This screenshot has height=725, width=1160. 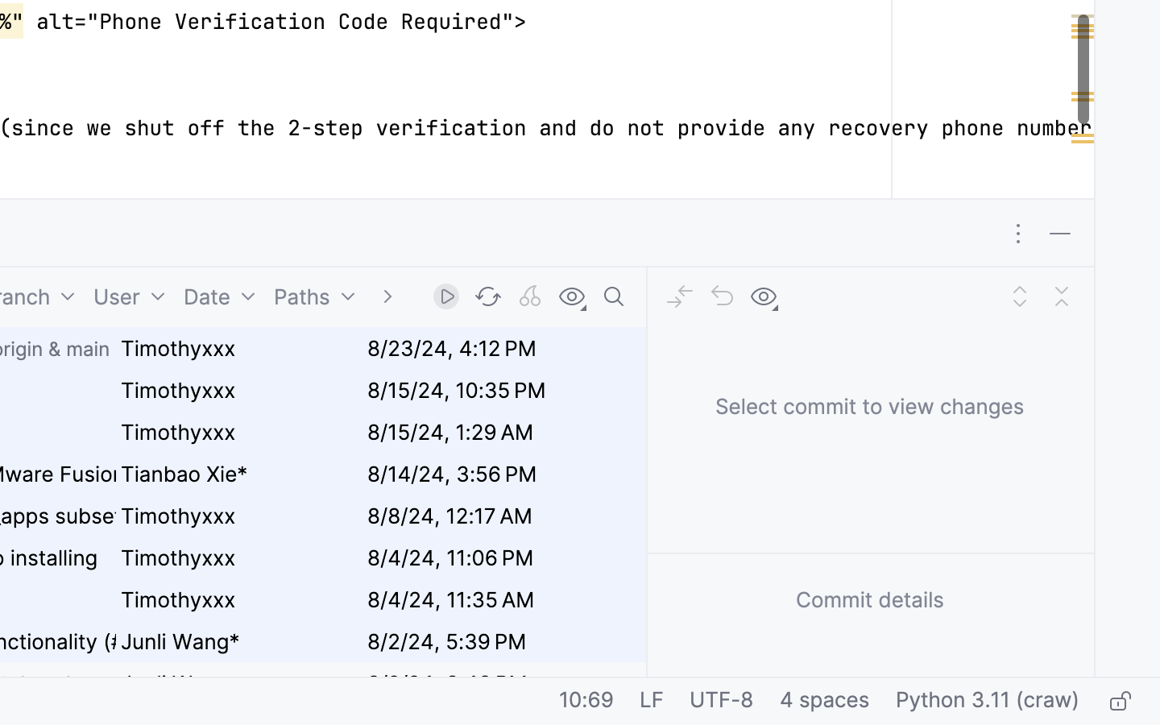 I want to click on 'UTF-8', so click(x=720, y=702).